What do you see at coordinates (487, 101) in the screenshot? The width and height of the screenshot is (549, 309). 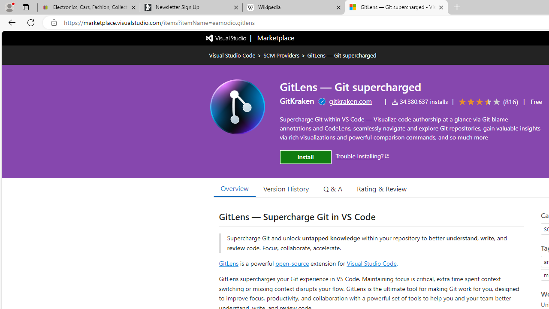 I see `'Average rating: 3.7 out of 5. Navigate to user reviews.'` at bounding box center [487, 101].